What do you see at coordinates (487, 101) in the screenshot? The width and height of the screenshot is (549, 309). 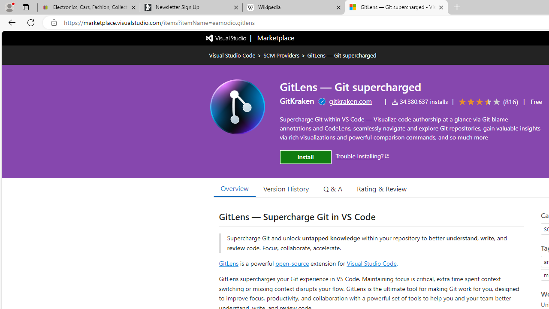 I see `'Average rating: 3.7 out of 5. Navigate to user reviews.'` at bounding box center [487, 101].